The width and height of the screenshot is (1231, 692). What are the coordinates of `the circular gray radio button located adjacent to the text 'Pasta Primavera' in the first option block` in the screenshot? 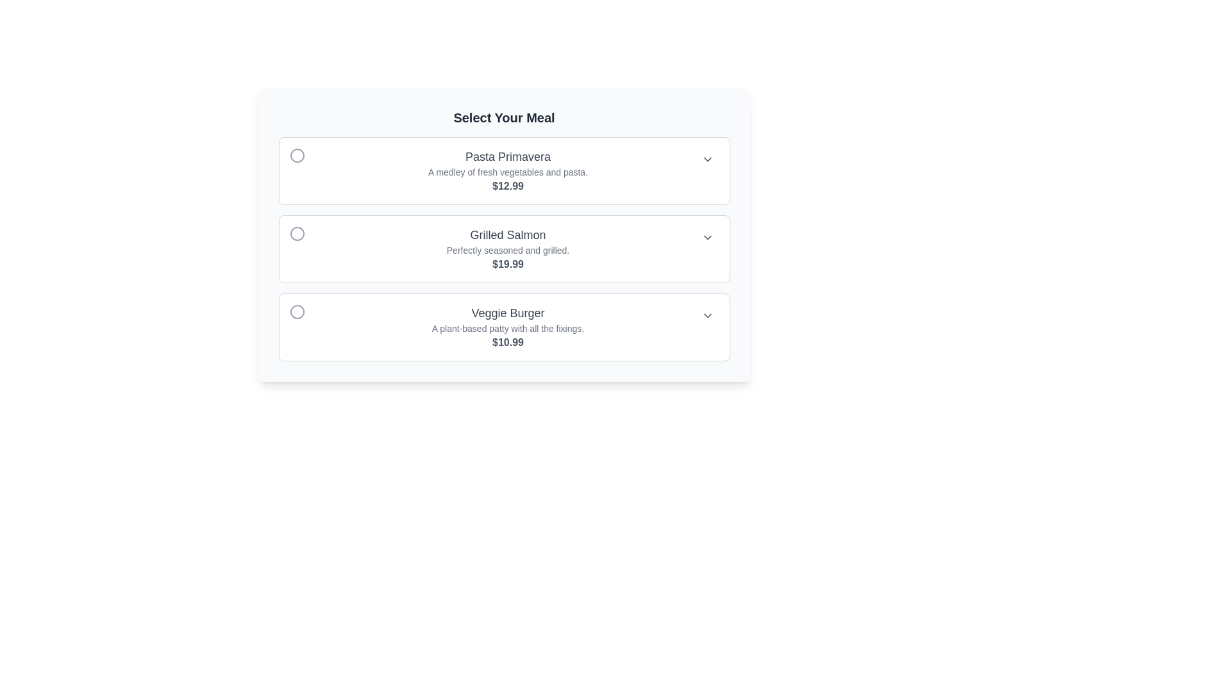 It's located at (296, 155).